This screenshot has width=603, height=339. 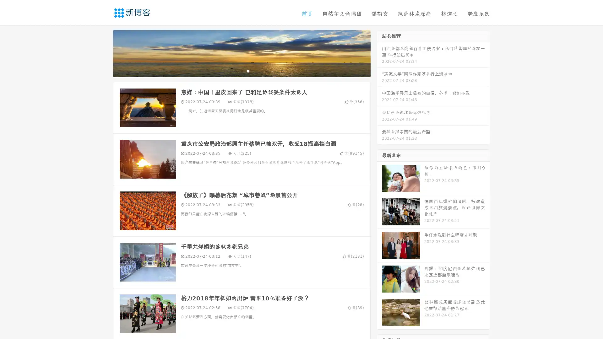 I want to click on Previous slide, so click(x=104, y=53).